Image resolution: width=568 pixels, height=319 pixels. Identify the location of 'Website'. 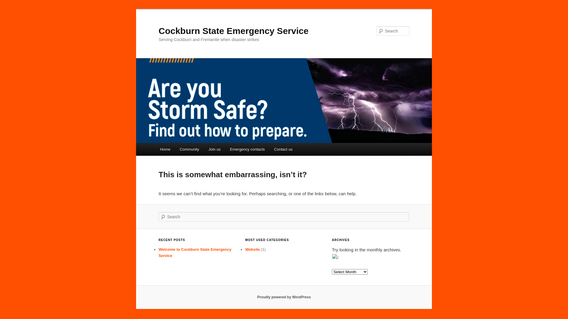
(253, 249).